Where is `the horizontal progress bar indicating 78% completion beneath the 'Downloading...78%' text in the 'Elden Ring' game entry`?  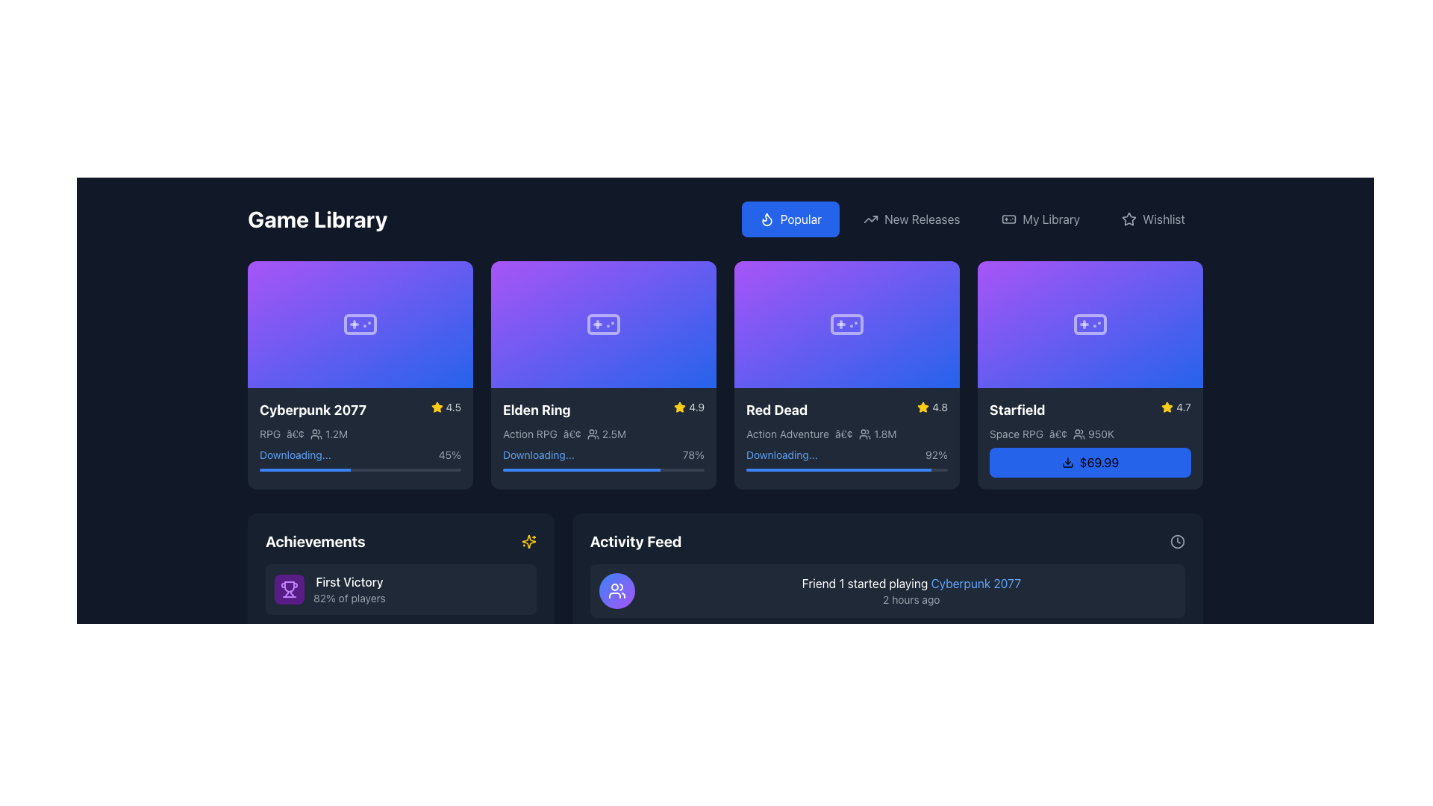
the horizontal progress bar indicating 78% completion beneath the 'Downloading...78%' text in the 'Elden Ring' game entry is located at coordinates (604, 468).